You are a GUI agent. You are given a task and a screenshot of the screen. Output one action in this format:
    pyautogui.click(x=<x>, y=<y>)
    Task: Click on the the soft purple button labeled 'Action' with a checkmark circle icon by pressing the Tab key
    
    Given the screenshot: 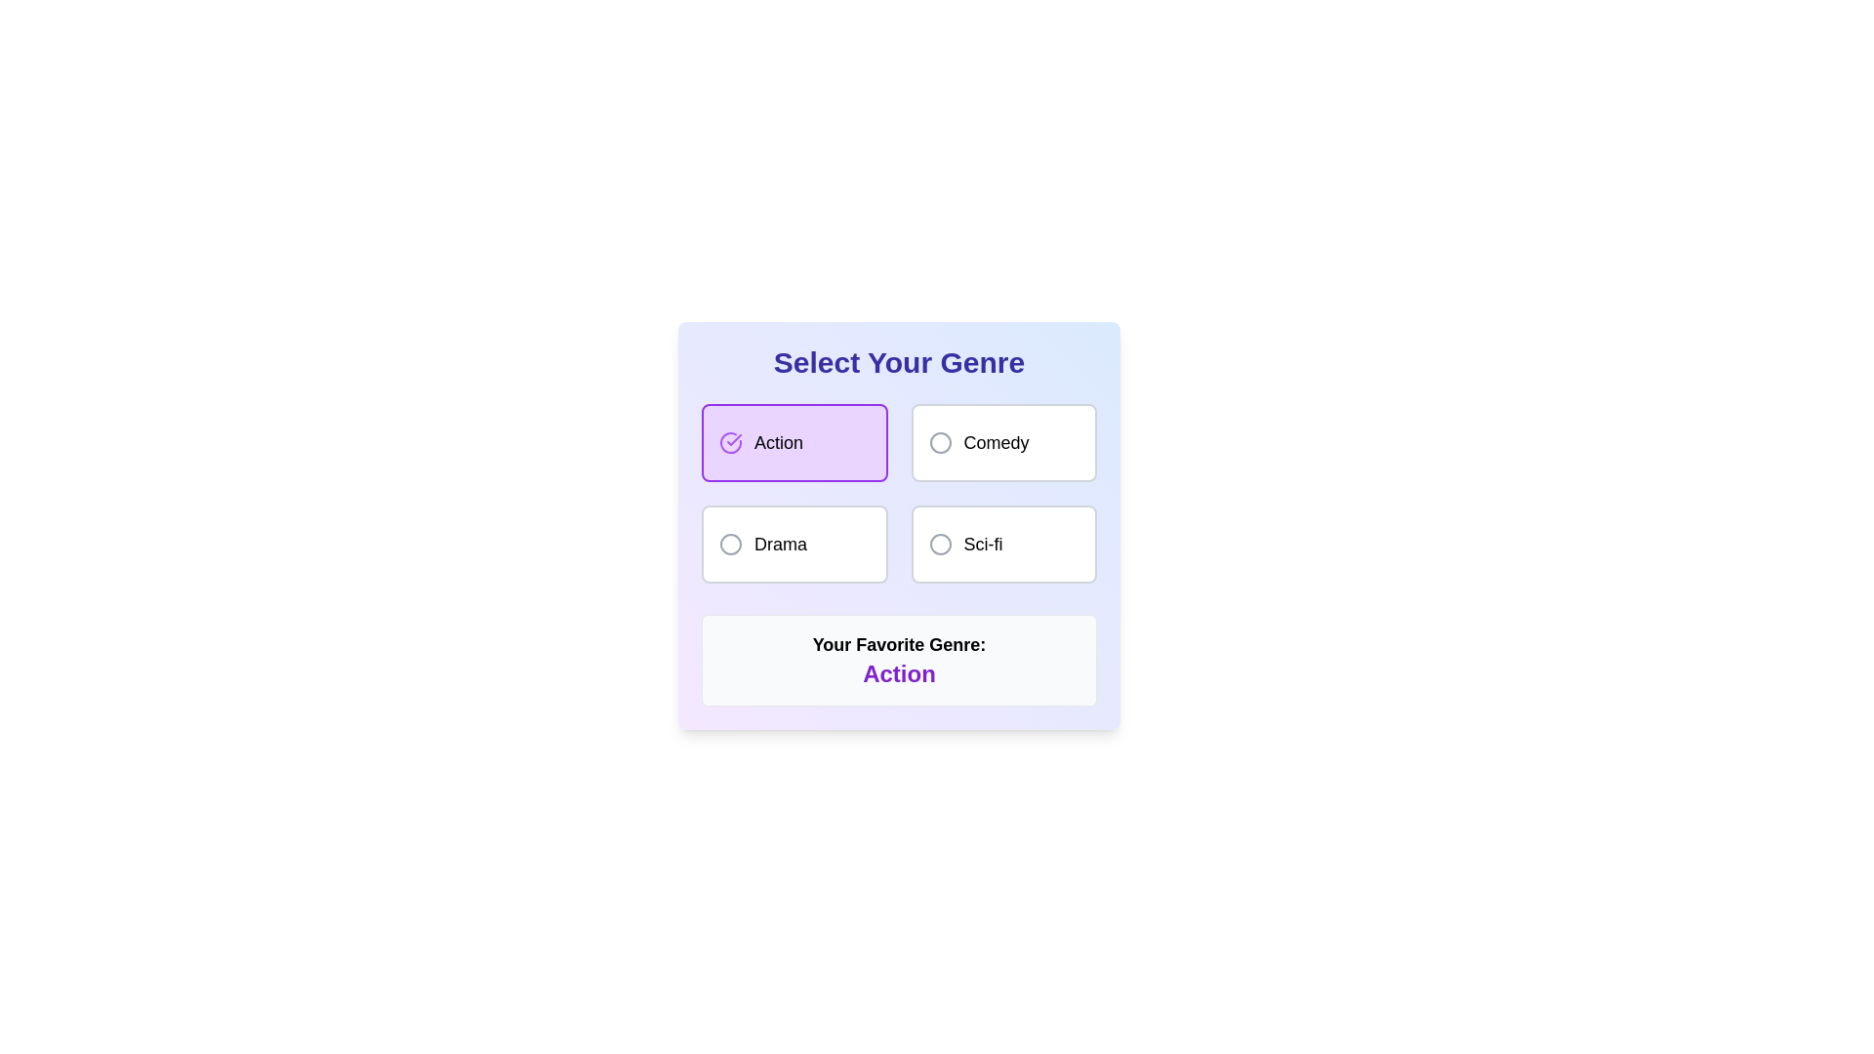 What is the action you would take?
    pyautogui.click(x=794, y=443)
    